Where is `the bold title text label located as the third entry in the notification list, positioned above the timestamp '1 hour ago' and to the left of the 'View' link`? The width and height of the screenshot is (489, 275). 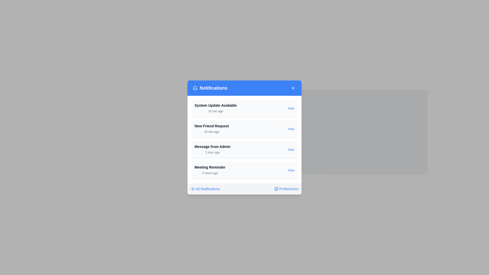 the bold title text label located as the third entry in the notification list, positioned above the timestamp '1 hour ago' and to the left of the 'View' link is located at coordinates (212, 146).